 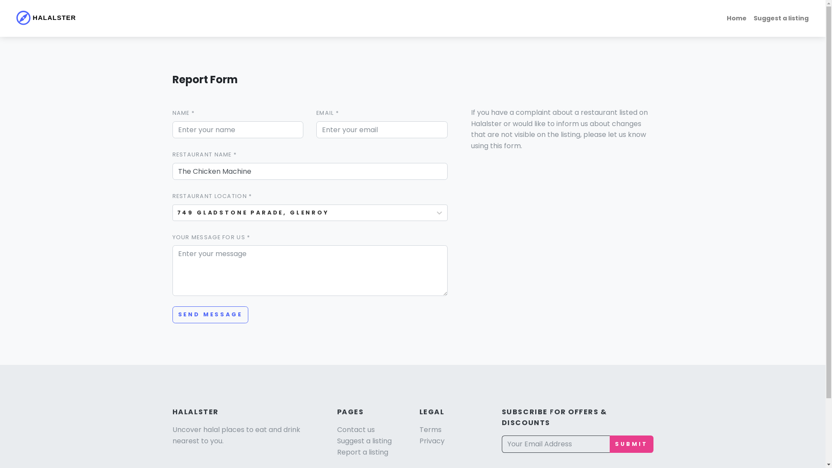 What do you see at coordinates (430, 429) in the screenshot?
I see `'Terms'` at bounding box center [430, 429].